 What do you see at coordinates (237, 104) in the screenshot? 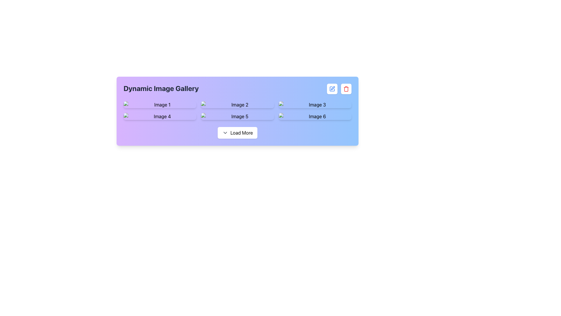
I see `the Image Preview with Label located in the first row and second column of the gallery grid` at bounding box center [237, 104].